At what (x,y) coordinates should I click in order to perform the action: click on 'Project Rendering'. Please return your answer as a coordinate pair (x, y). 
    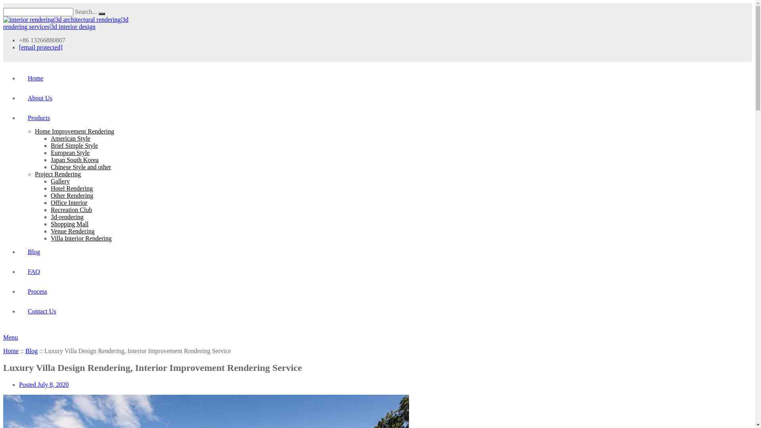
    Looking at the image, I should click on (34, 174).